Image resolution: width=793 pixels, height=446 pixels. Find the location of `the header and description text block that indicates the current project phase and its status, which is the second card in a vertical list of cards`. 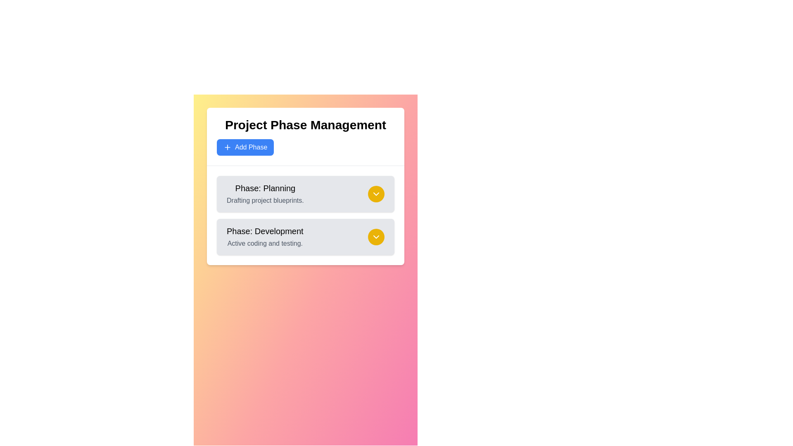

the header and description text block that indicates the current project phase and its status, which is the second card in a vertical list of cards is located at coordinates (265, 237).